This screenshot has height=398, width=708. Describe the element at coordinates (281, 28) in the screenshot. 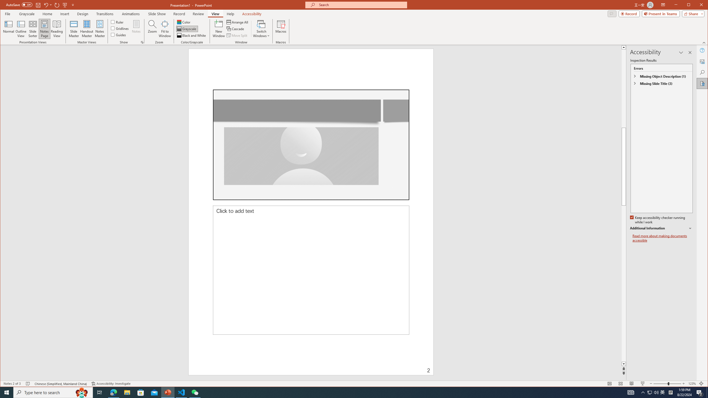

I see `'Macros'` at that location.